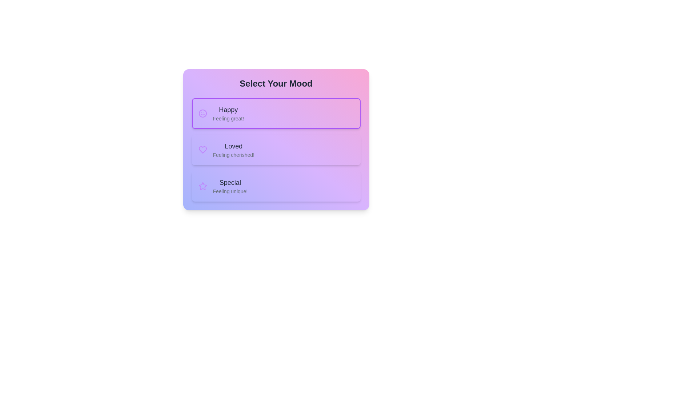 This screenshot has width=698, height=393. I want to click on the 'Happy' mood option card, which is the first selectable item in the 'Select Your Mood' group, so click(276, 114).